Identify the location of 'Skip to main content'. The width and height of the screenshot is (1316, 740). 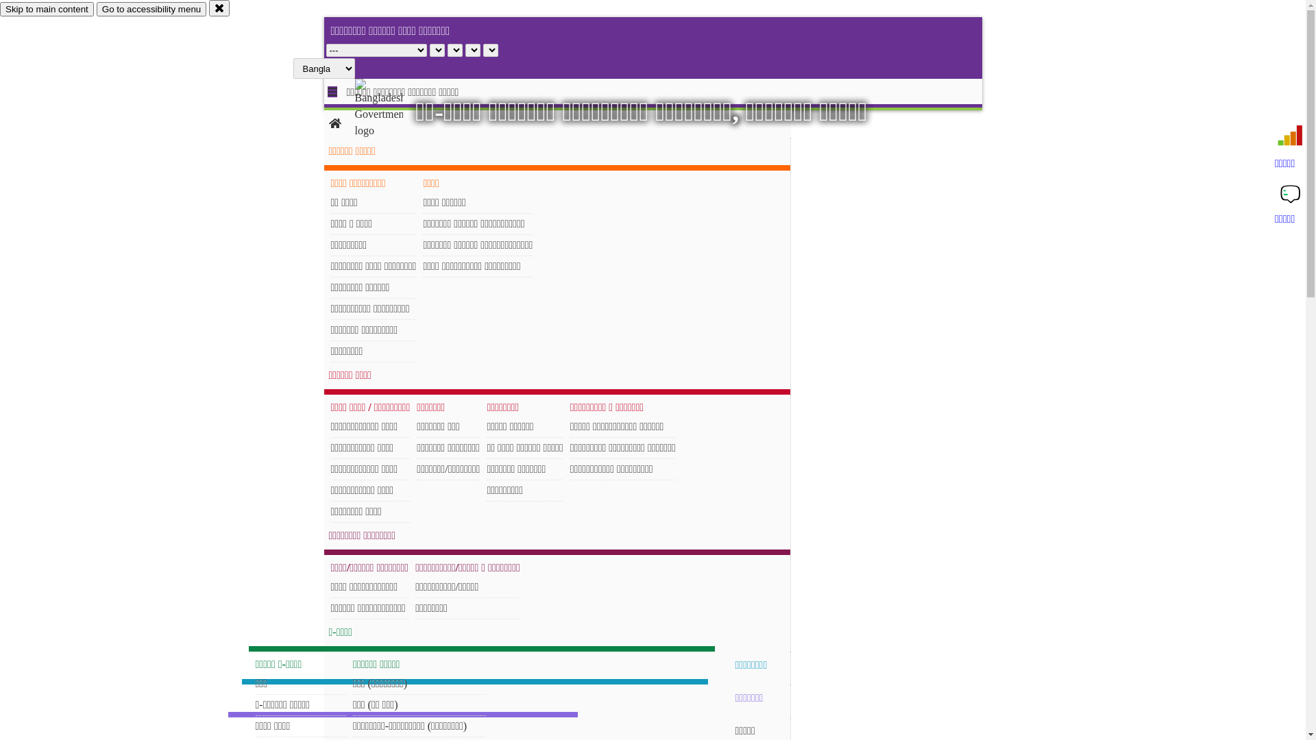
(47, 9).